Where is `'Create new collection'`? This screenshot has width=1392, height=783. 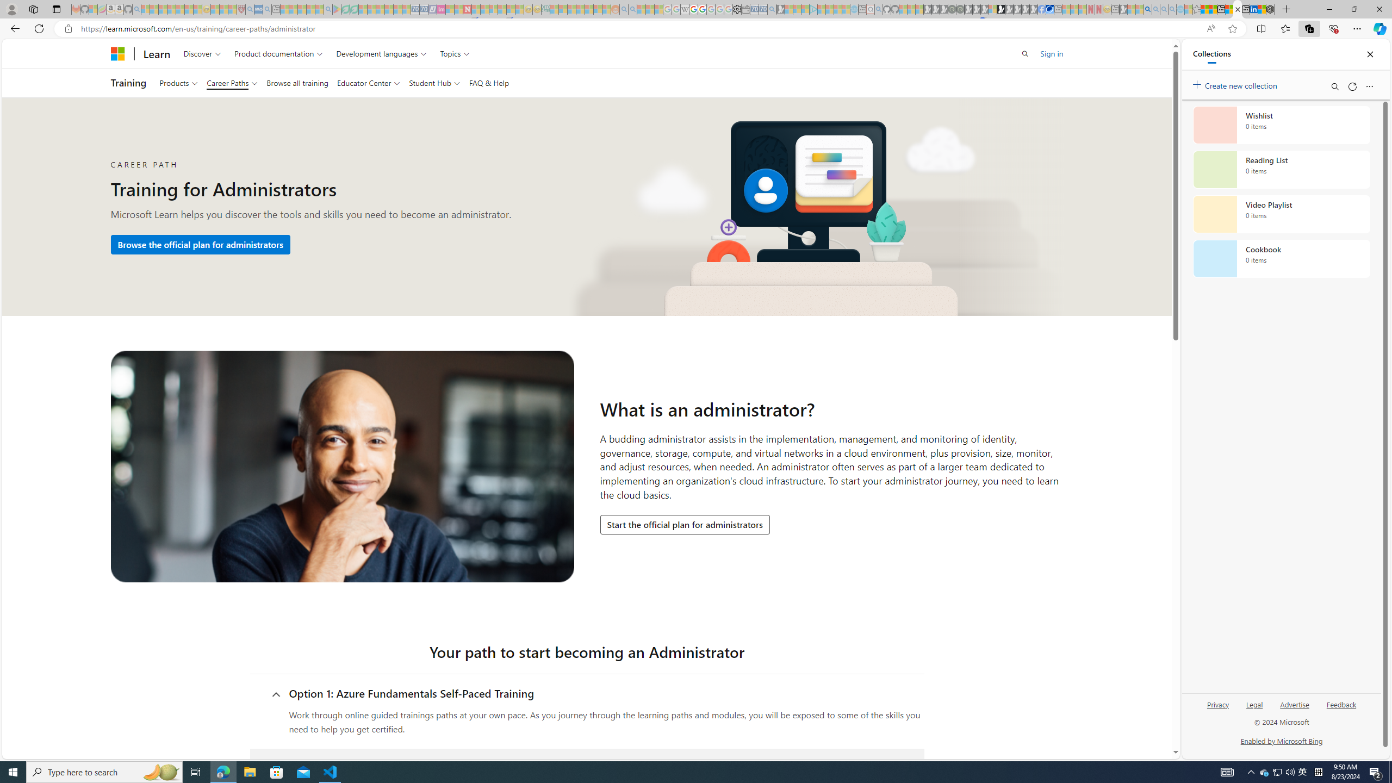
'Create new collection' is located at coordinates (1236, 83).